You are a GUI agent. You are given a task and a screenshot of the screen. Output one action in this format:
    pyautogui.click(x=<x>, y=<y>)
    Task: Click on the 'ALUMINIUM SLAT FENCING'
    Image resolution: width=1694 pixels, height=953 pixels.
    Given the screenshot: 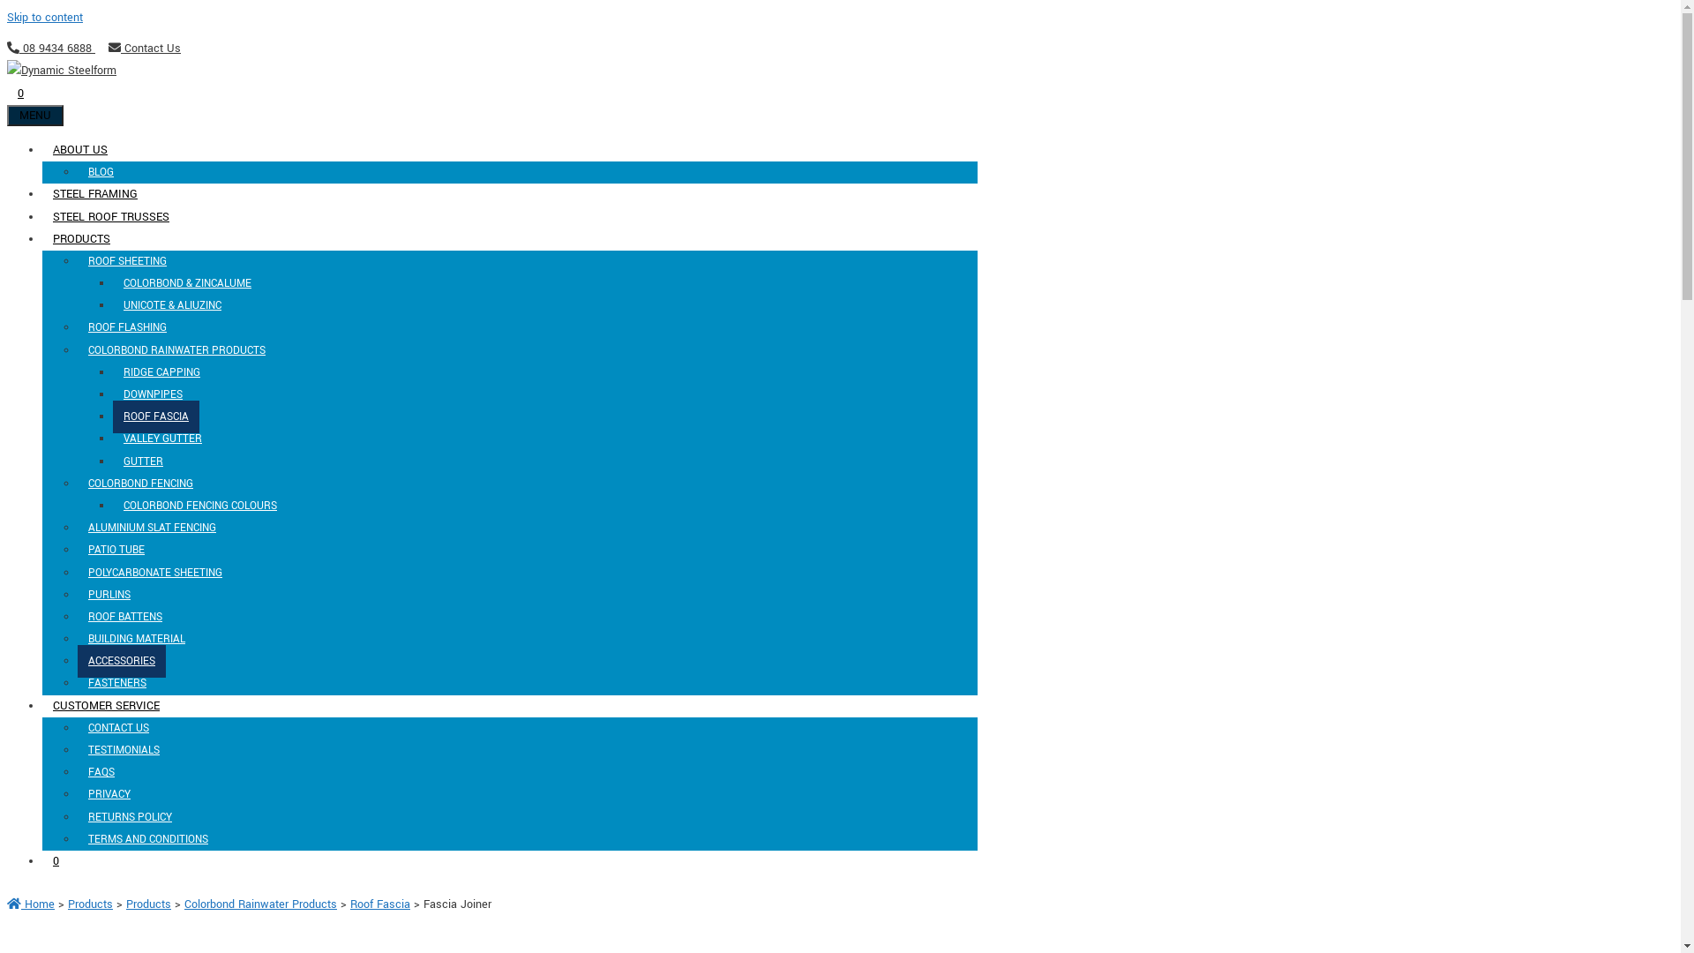 What is the action you would take?
    pyautogui.click(x=152, y=527)
    